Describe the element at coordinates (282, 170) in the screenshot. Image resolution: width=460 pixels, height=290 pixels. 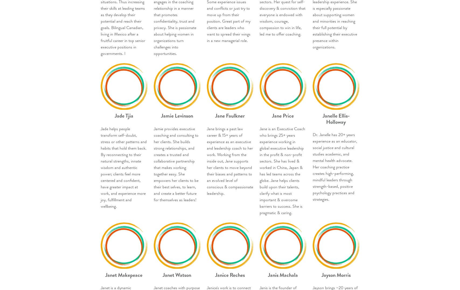
I see `'Jane is an Executive Coach who brings 25+ years experience working in global executive leadership in the profit & non-profit sectors. She has lived & worked in China, Japan & has led teams across the globe. Jane helps clients build upon their talents, clarify what is most important & overcome barriers to success. She is pragmatic & caring.'` at that location.